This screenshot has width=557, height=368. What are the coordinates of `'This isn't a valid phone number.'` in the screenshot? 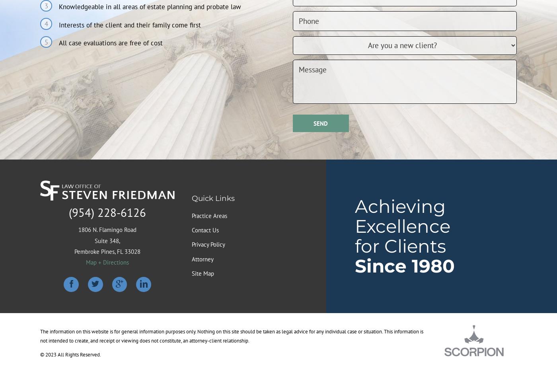 It's located at (479, 38).